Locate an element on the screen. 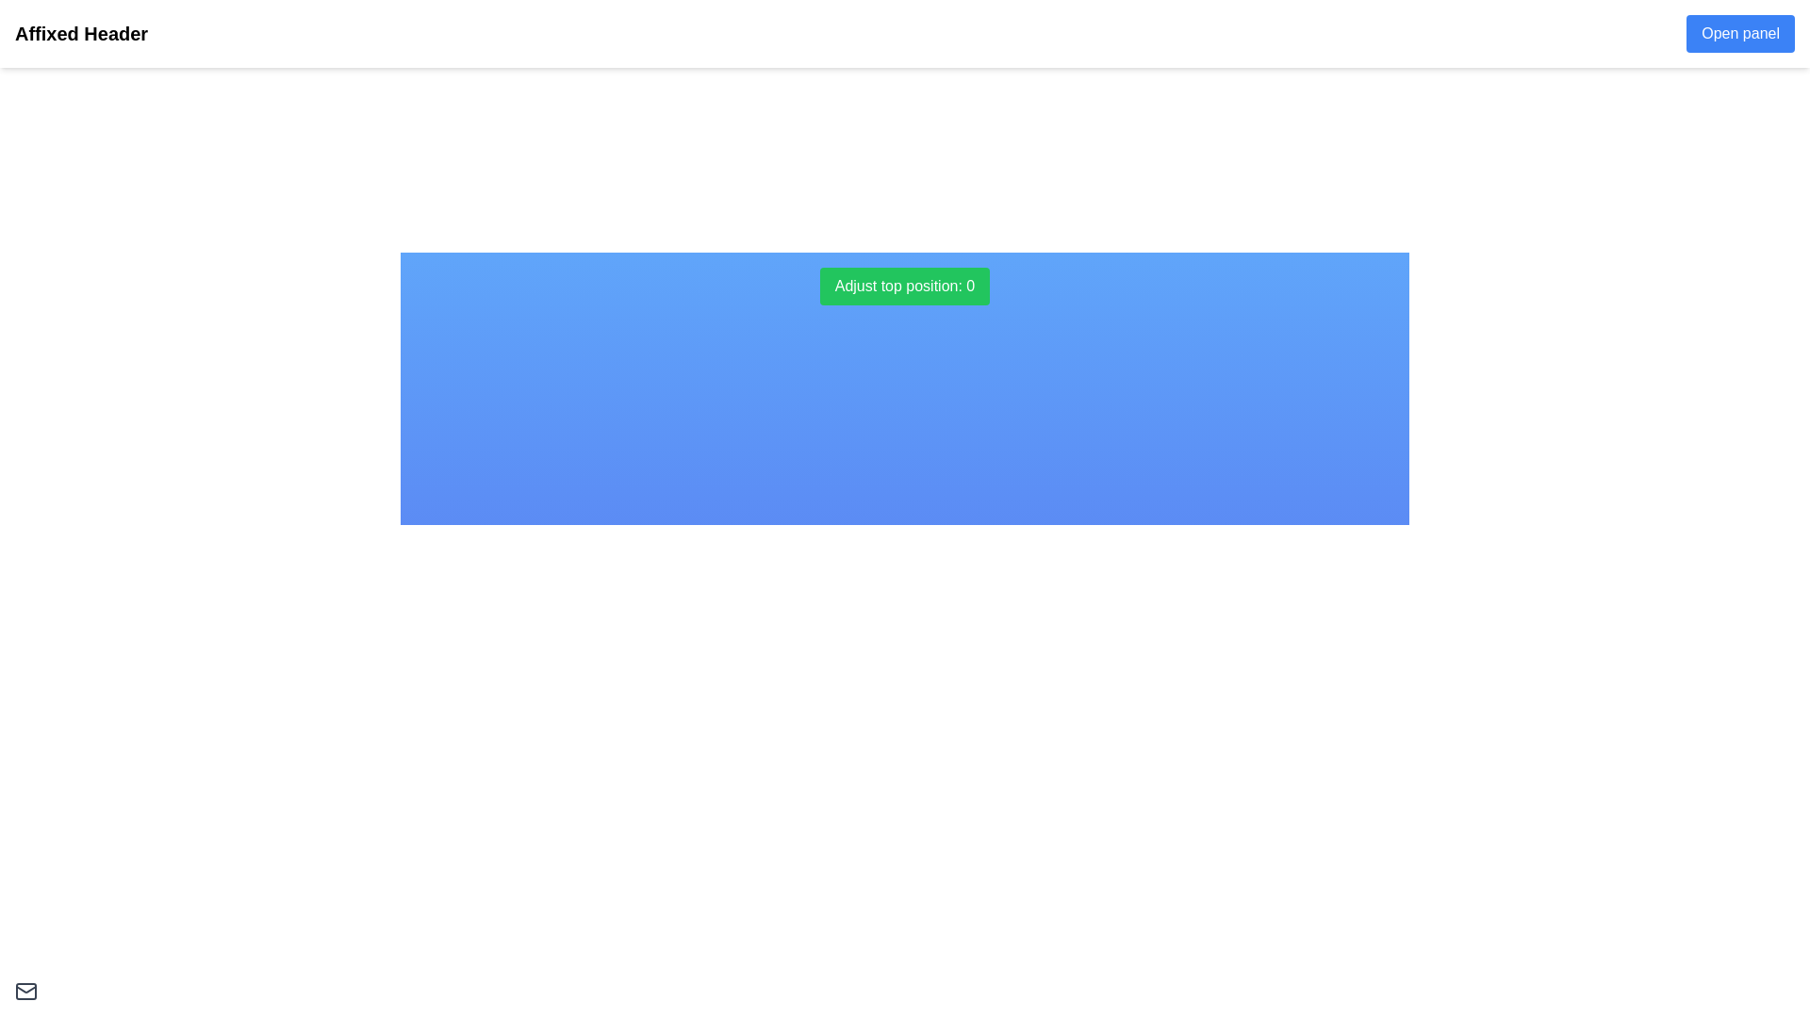  the rectangular button with rounded corners and a blue background labeled 'Open panel' is located at coordinates (1739, 33).